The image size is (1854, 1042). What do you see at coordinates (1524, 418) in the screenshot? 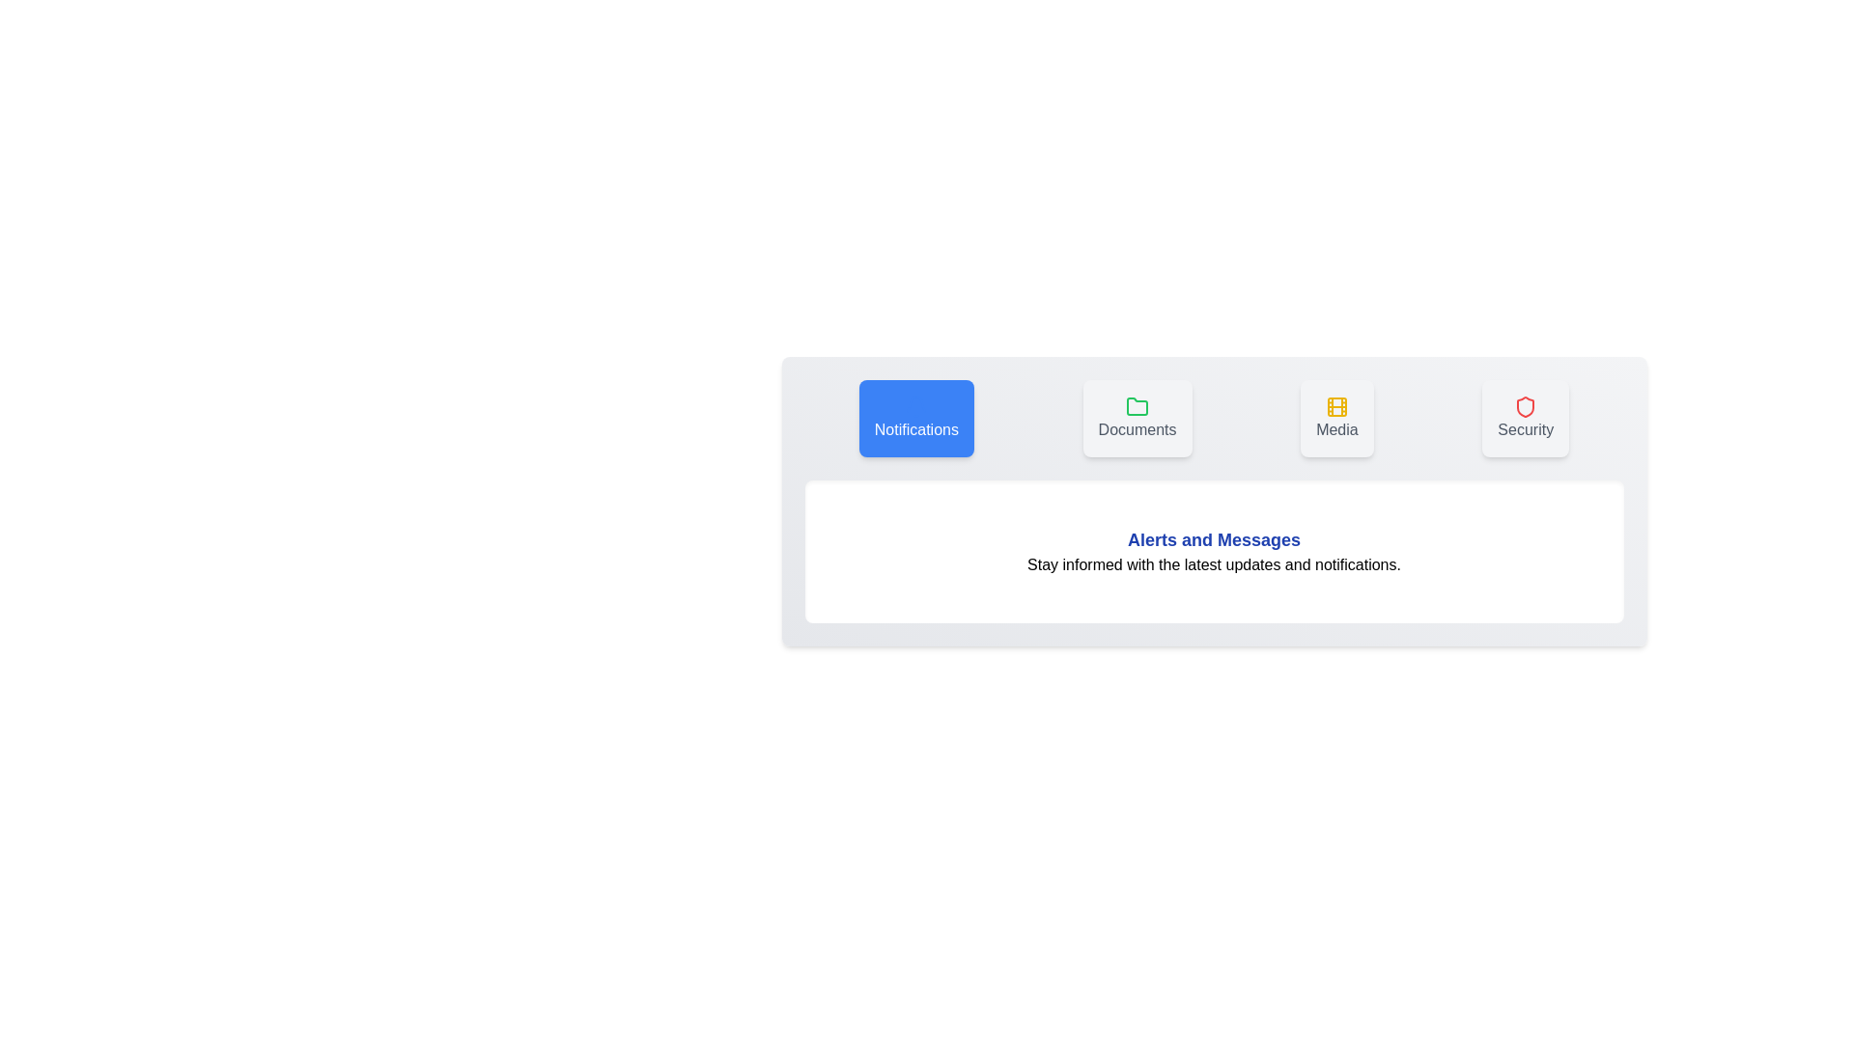
I see `the tab corresponding to Security to inspect its icon` at bounding box center [1524, 418].